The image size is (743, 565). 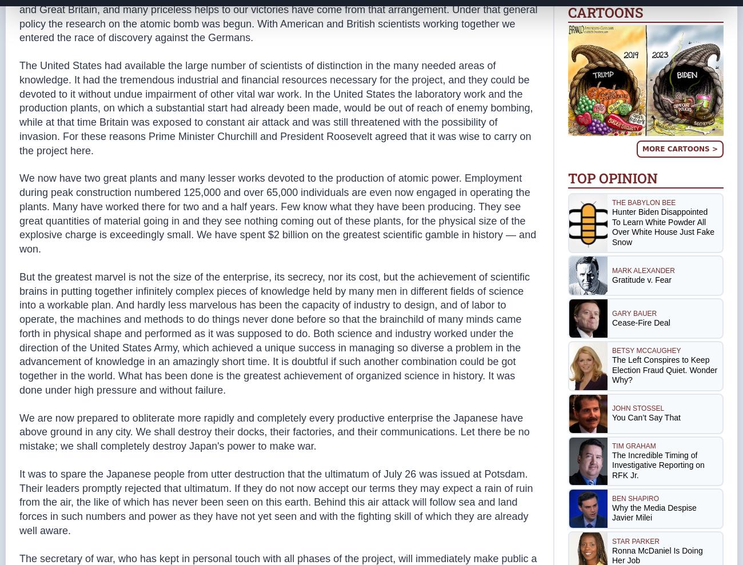 What do you see at coordinates (641, 278) in the screenshot?
I see `'Gratitude v. Fear'` at bounding box center [641, 278].